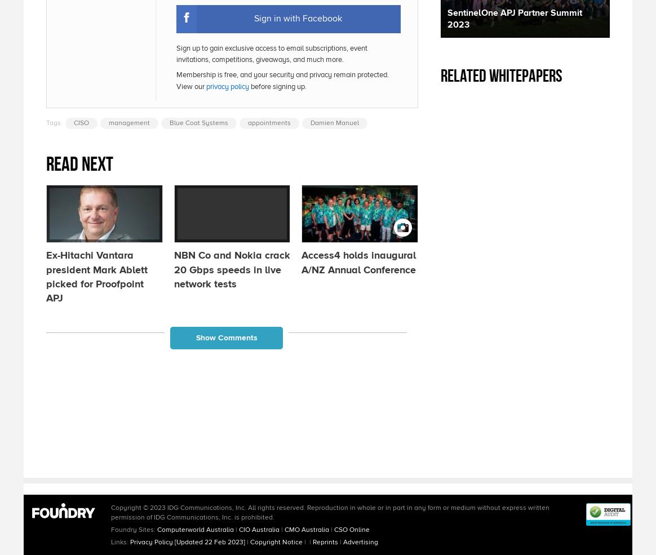 The height and width of the screenshot is (555, 656). I want to click on 'Foundry Sites:', so click(110, 529).